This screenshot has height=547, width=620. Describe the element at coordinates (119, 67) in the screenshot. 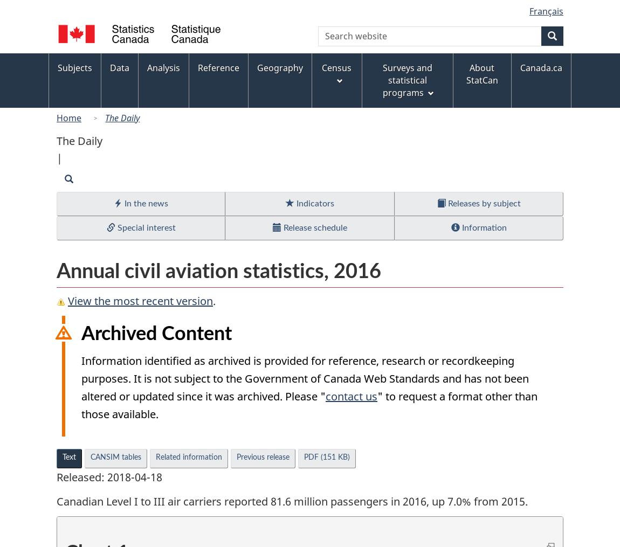

I see `'Data'` at that location.